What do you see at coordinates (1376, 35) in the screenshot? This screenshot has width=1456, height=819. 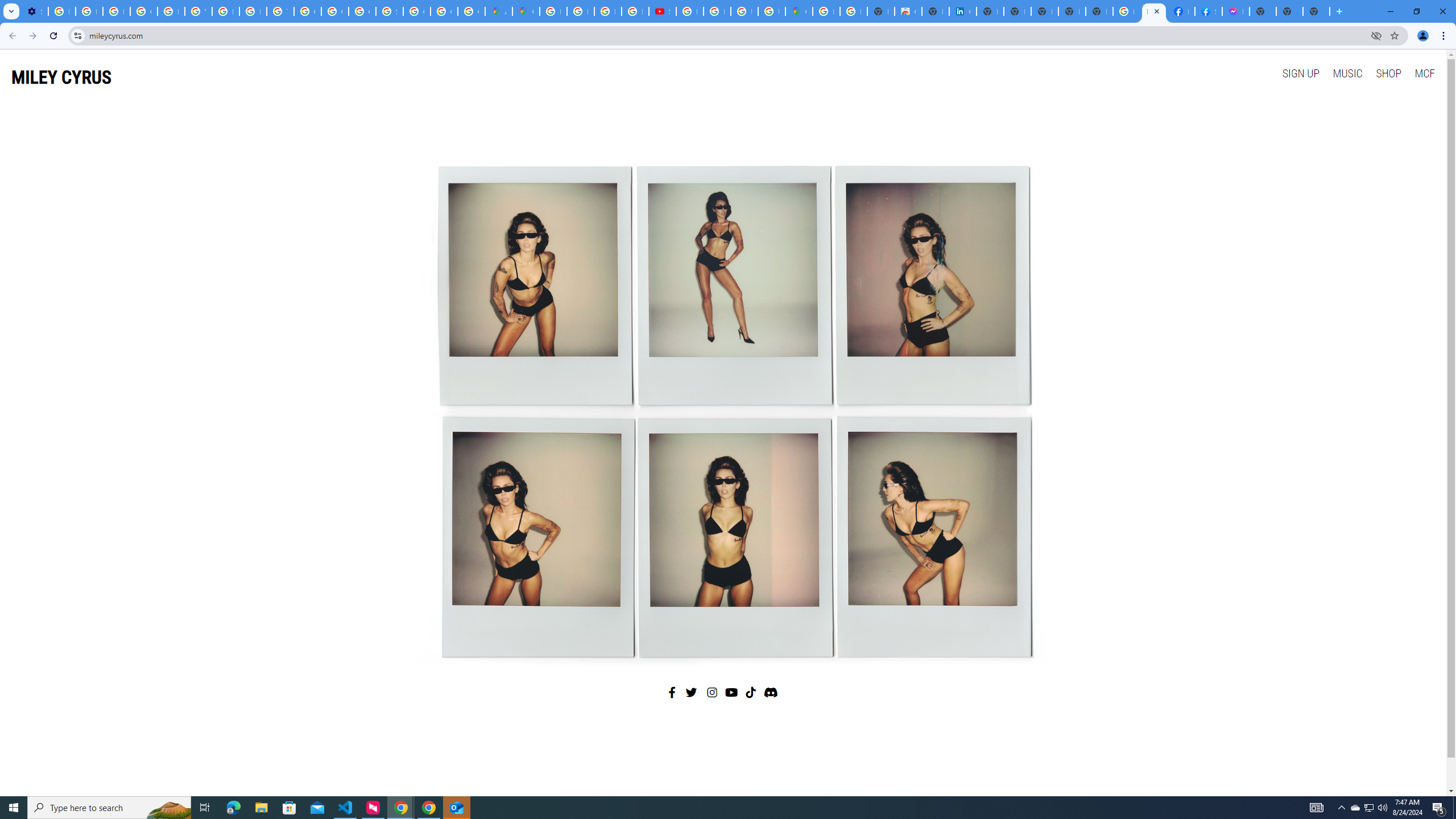 I see `'Third-party cookies blocked'` at bounding box center [1376, 35].